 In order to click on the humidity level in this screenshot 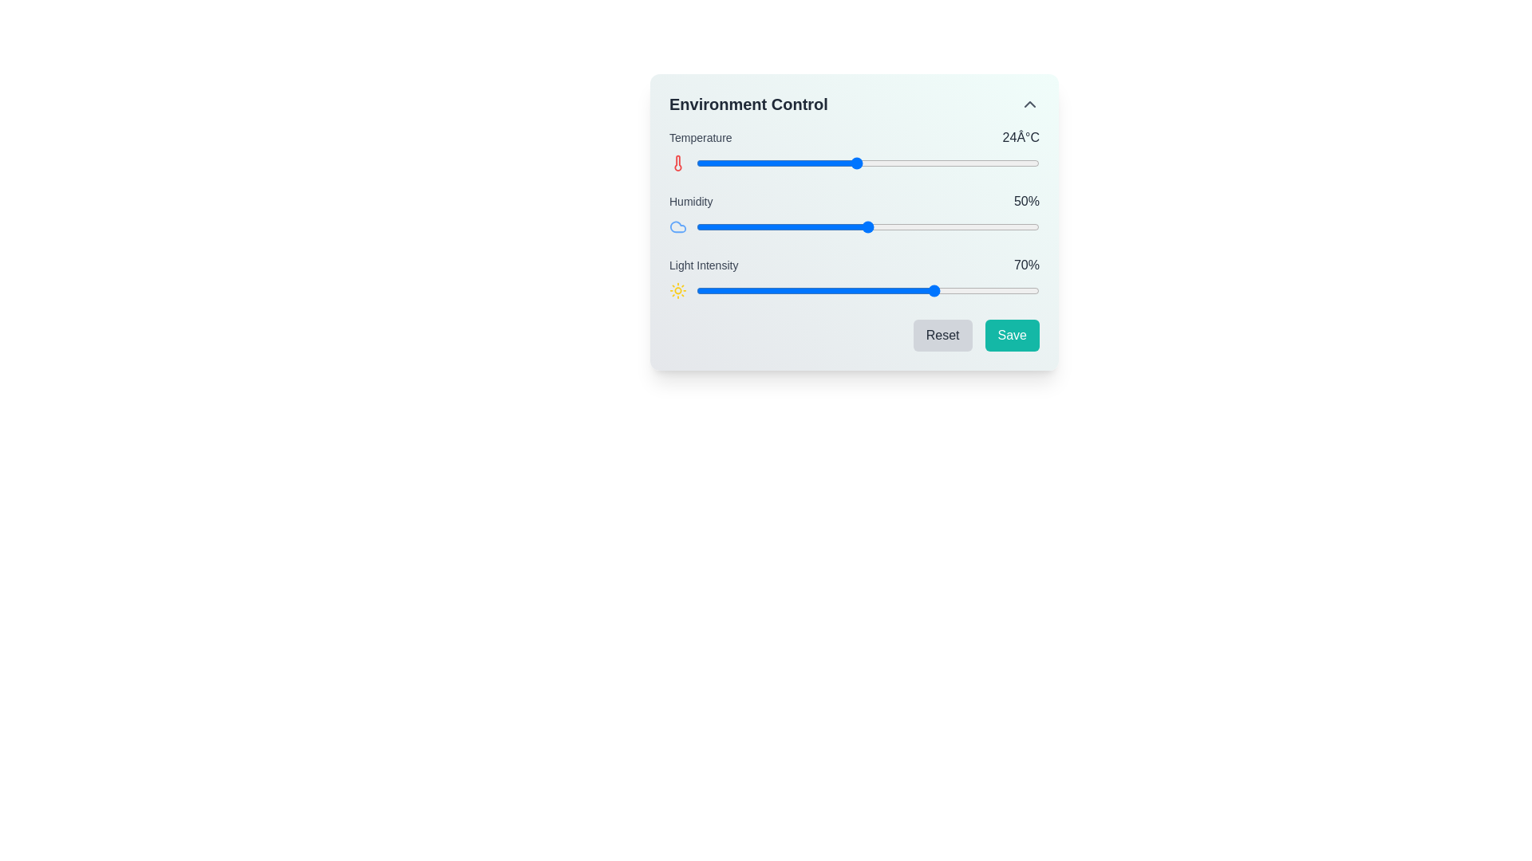, I will do `click(782, 227)`.